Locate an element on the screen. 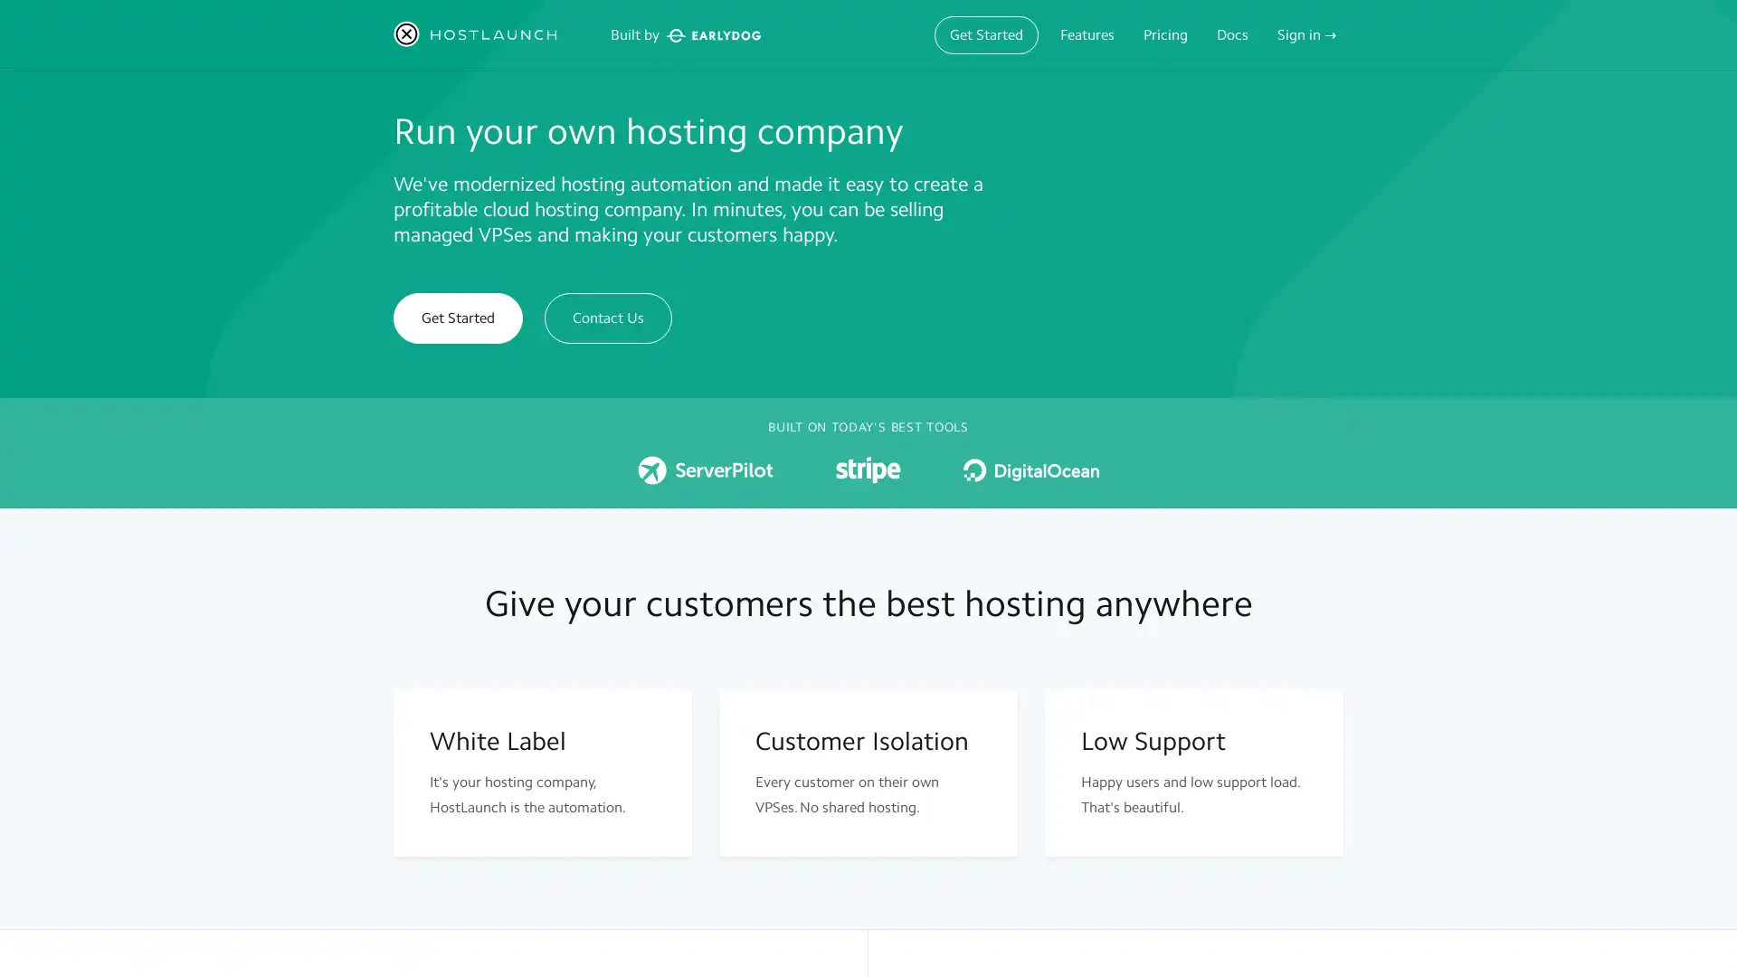 This screenshot has width=1737, height=977. Features is located at coordinates (1086, 34).